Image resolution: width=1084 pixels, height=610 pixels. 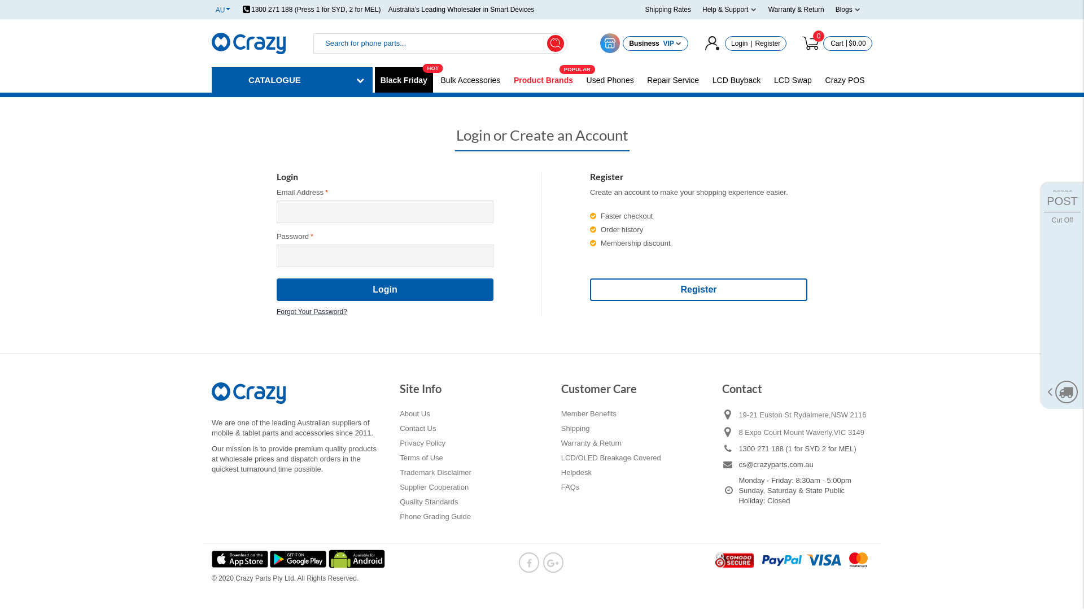 I want to click on 'Used Phones', so click(x=609, y=80).